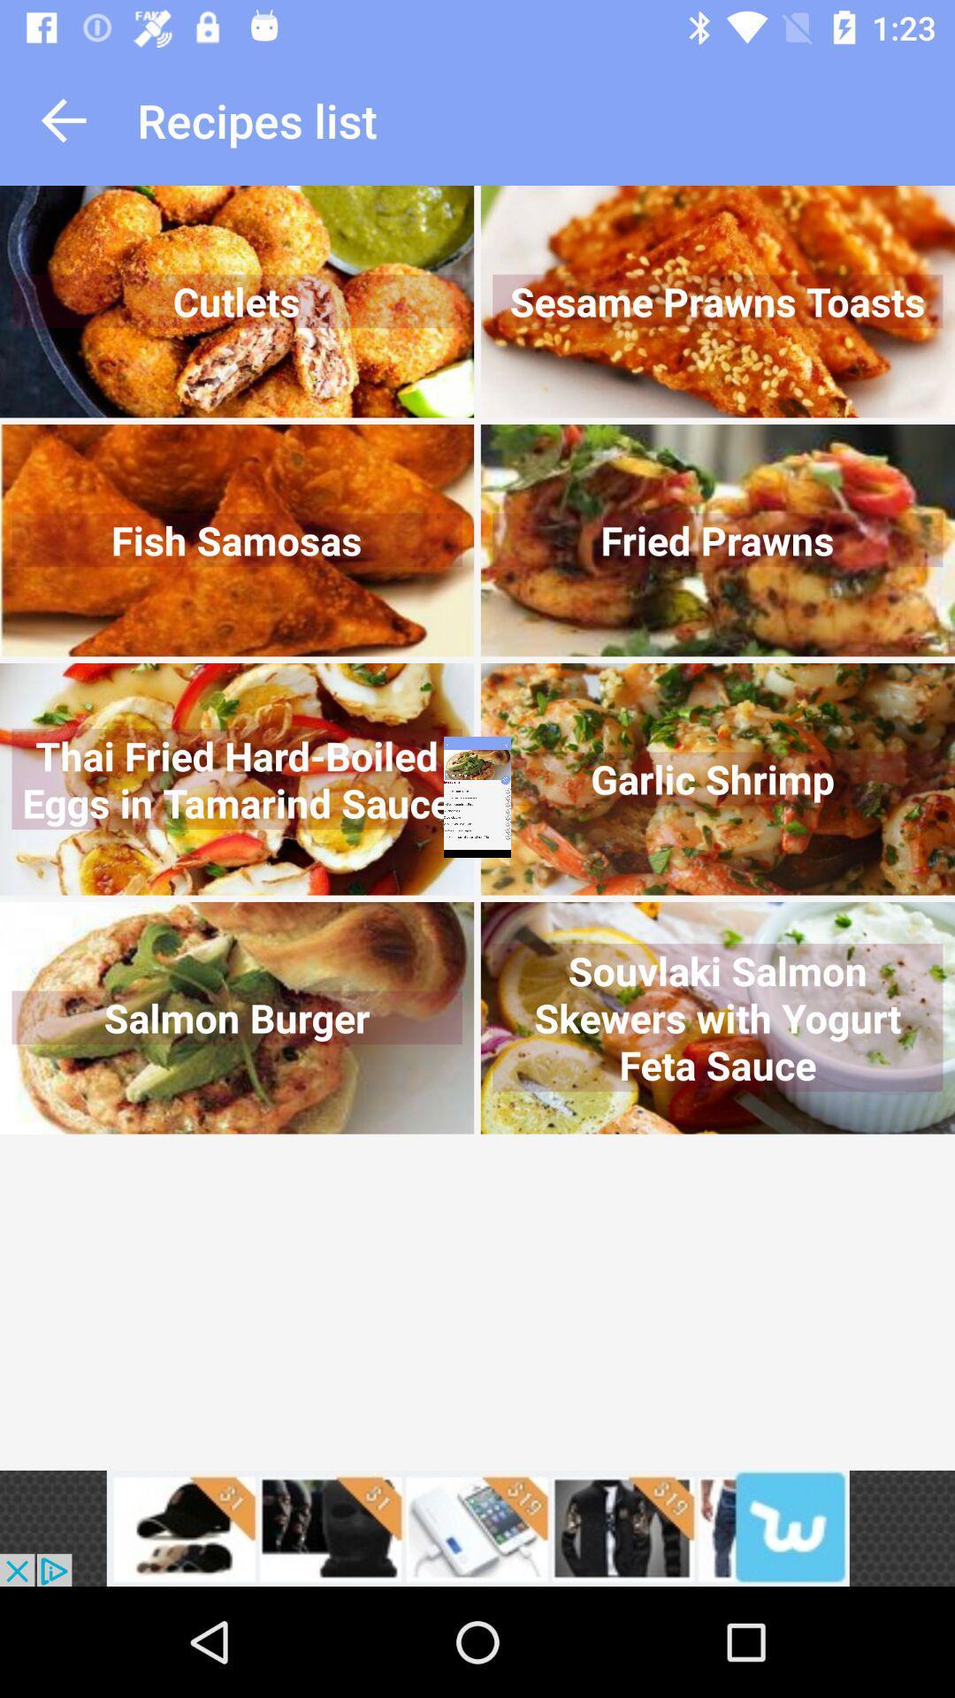 Image resolution: width=955 pixels, height=1698 pixels. I want to click on go back, so click(63, 119).